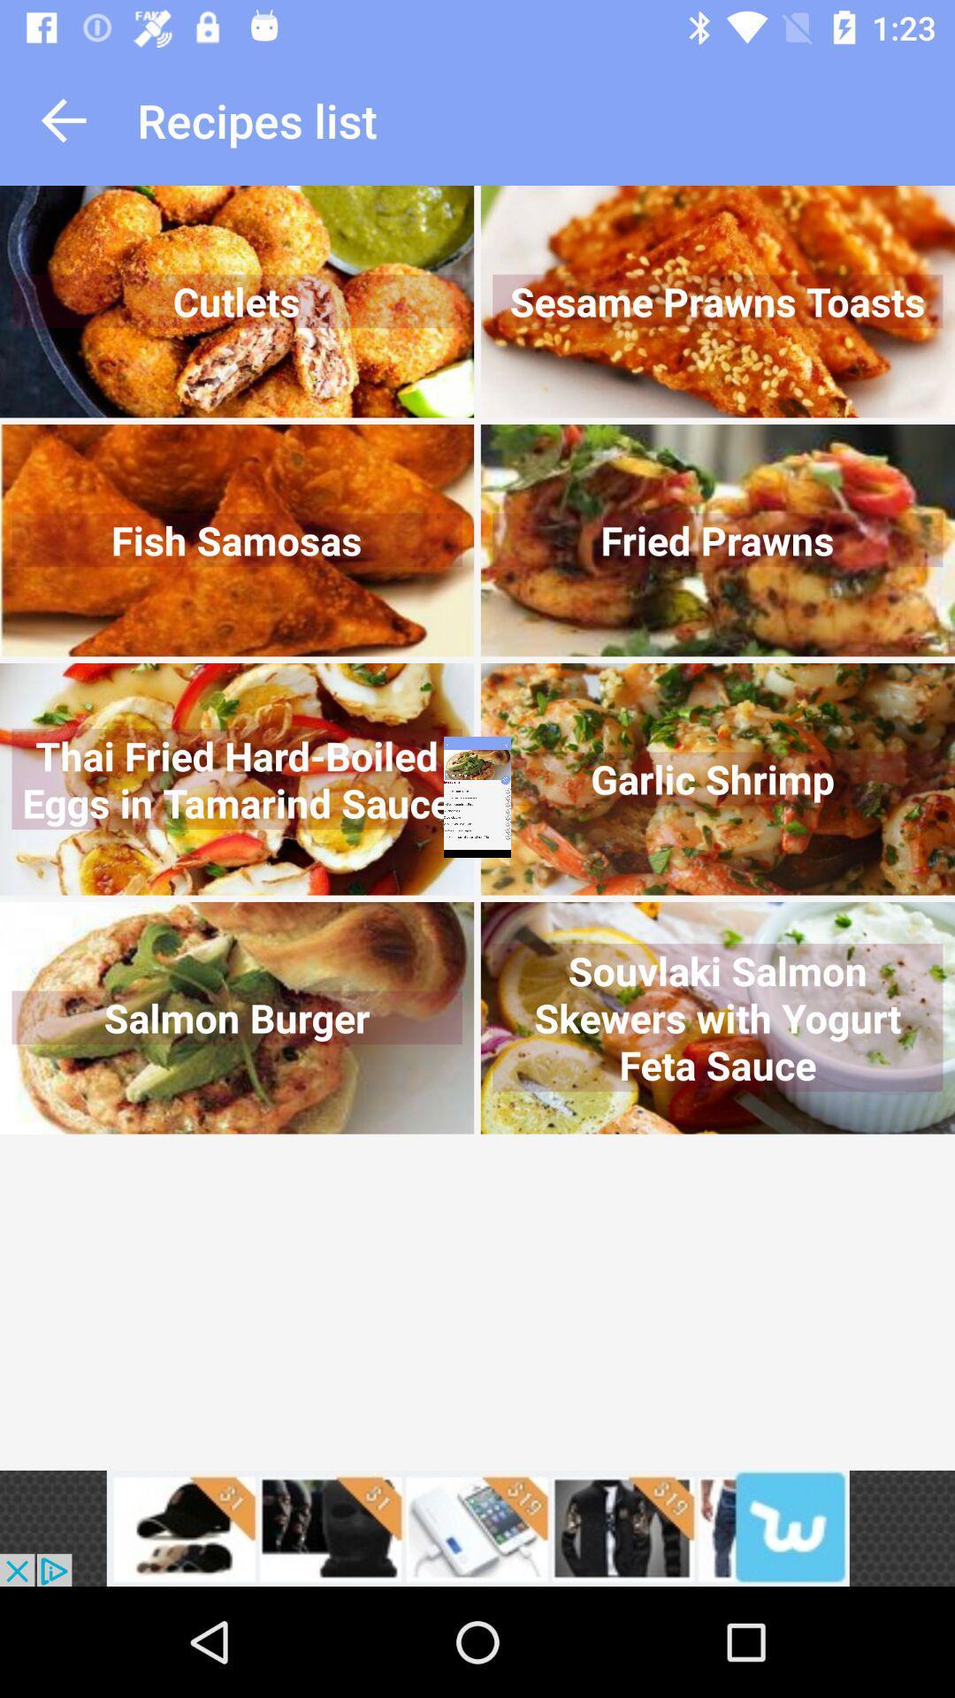 Image resolution: width=955 pixels, height=1698 pixels. I want to click on go back, so click(63, 119).